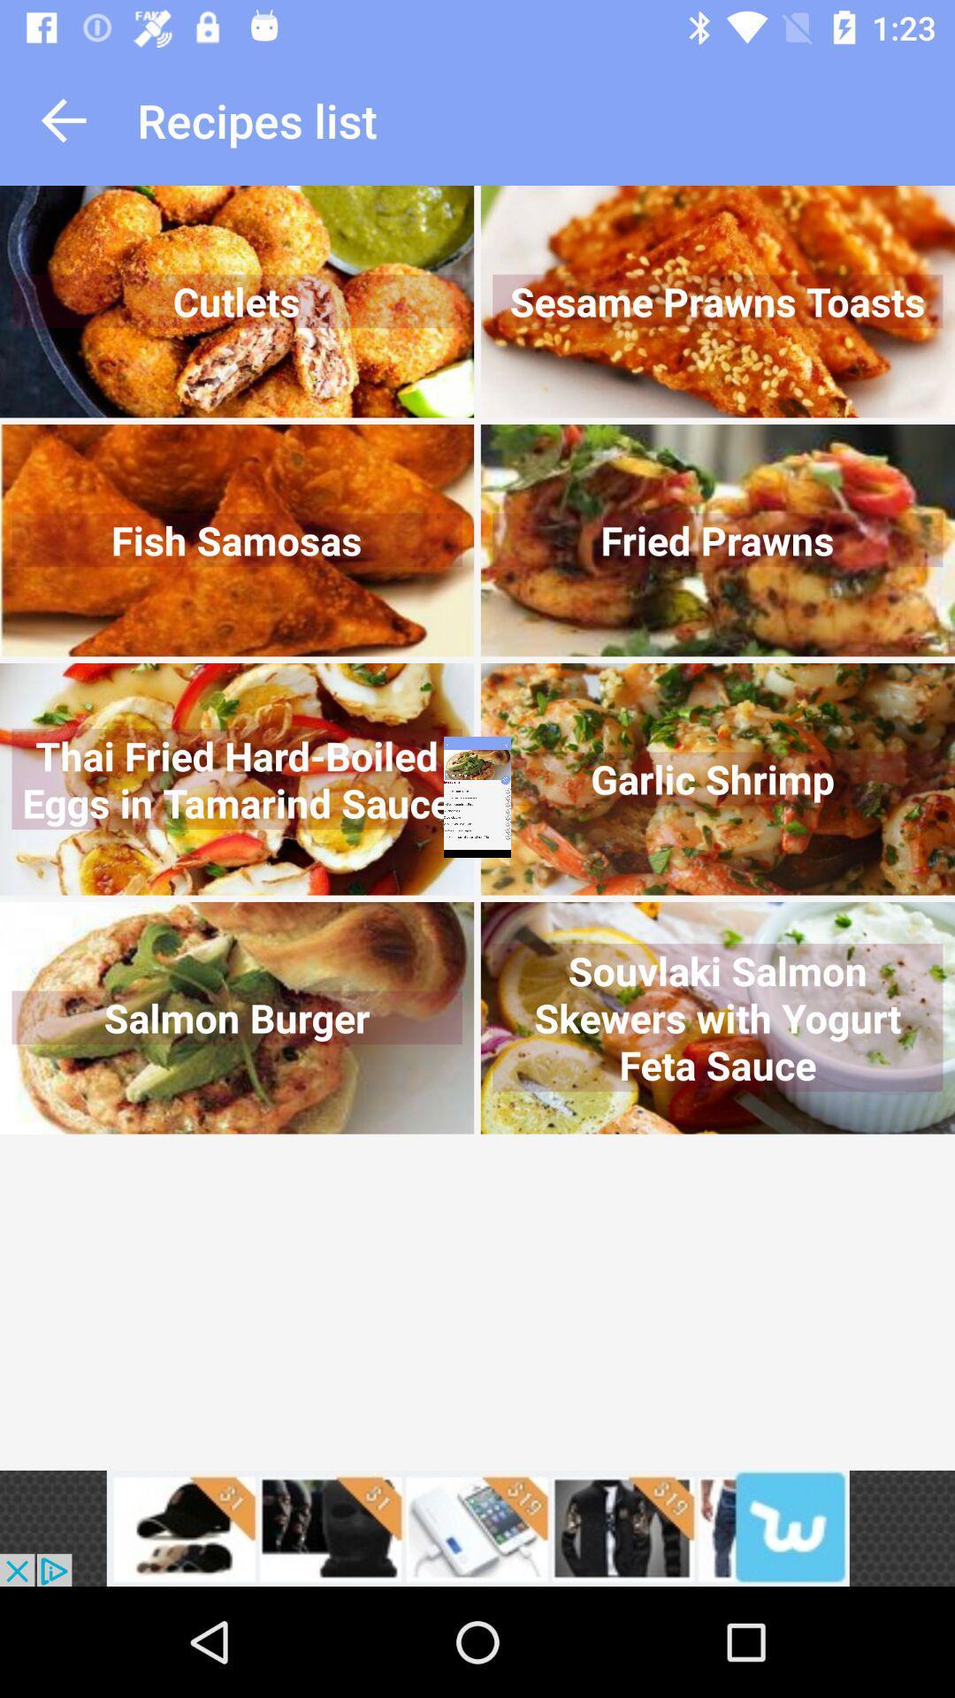 Image resolution: width=955 pixels, height=1698 pixels. I want to click on go back, so click(63, 119).